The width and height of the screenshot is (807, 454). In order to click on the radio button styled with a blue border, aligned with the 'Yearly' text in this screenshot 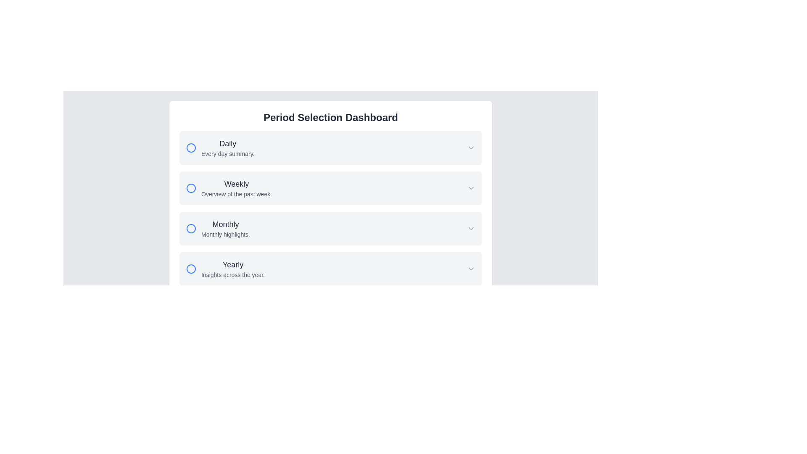, I will do `click(191, 269)`.